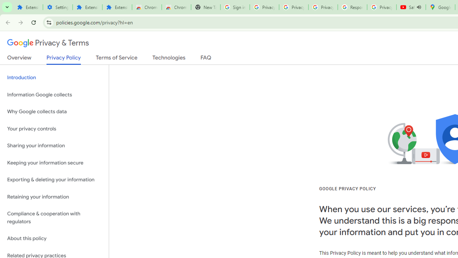 The image size is (458, 258). Describe the element at coordinates (117, 7) in the screenshot. I see `'Extensions'` at that location.